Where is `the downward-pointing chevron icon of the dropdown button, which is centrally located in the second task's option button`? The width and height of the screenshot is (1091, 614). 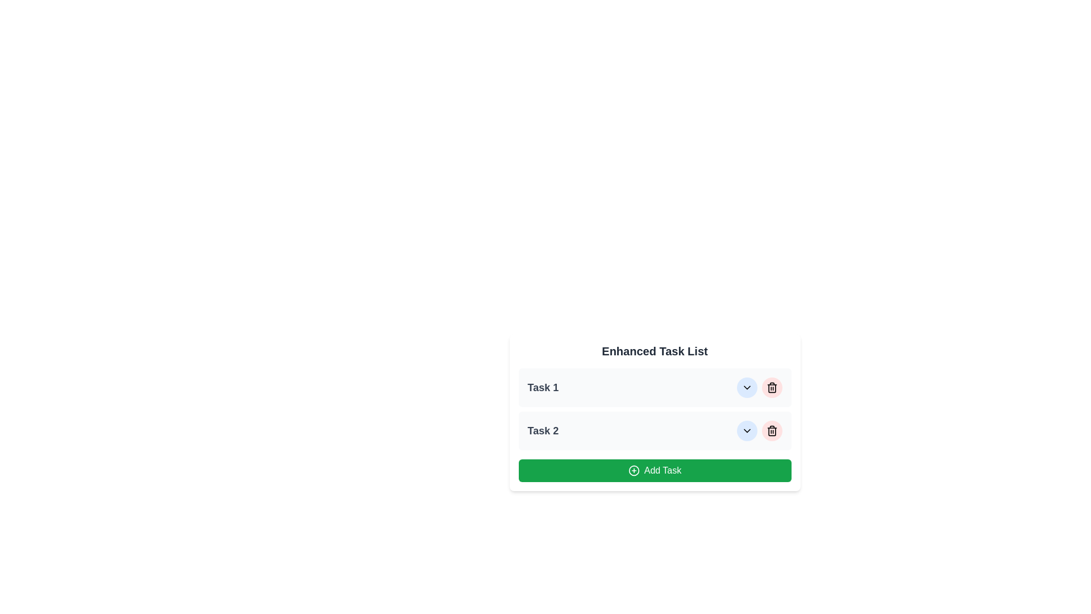 the downward-pointing chevron icon of the dropdown button, which is centrally located in the second task's option button is located at coordinates (747, 431).